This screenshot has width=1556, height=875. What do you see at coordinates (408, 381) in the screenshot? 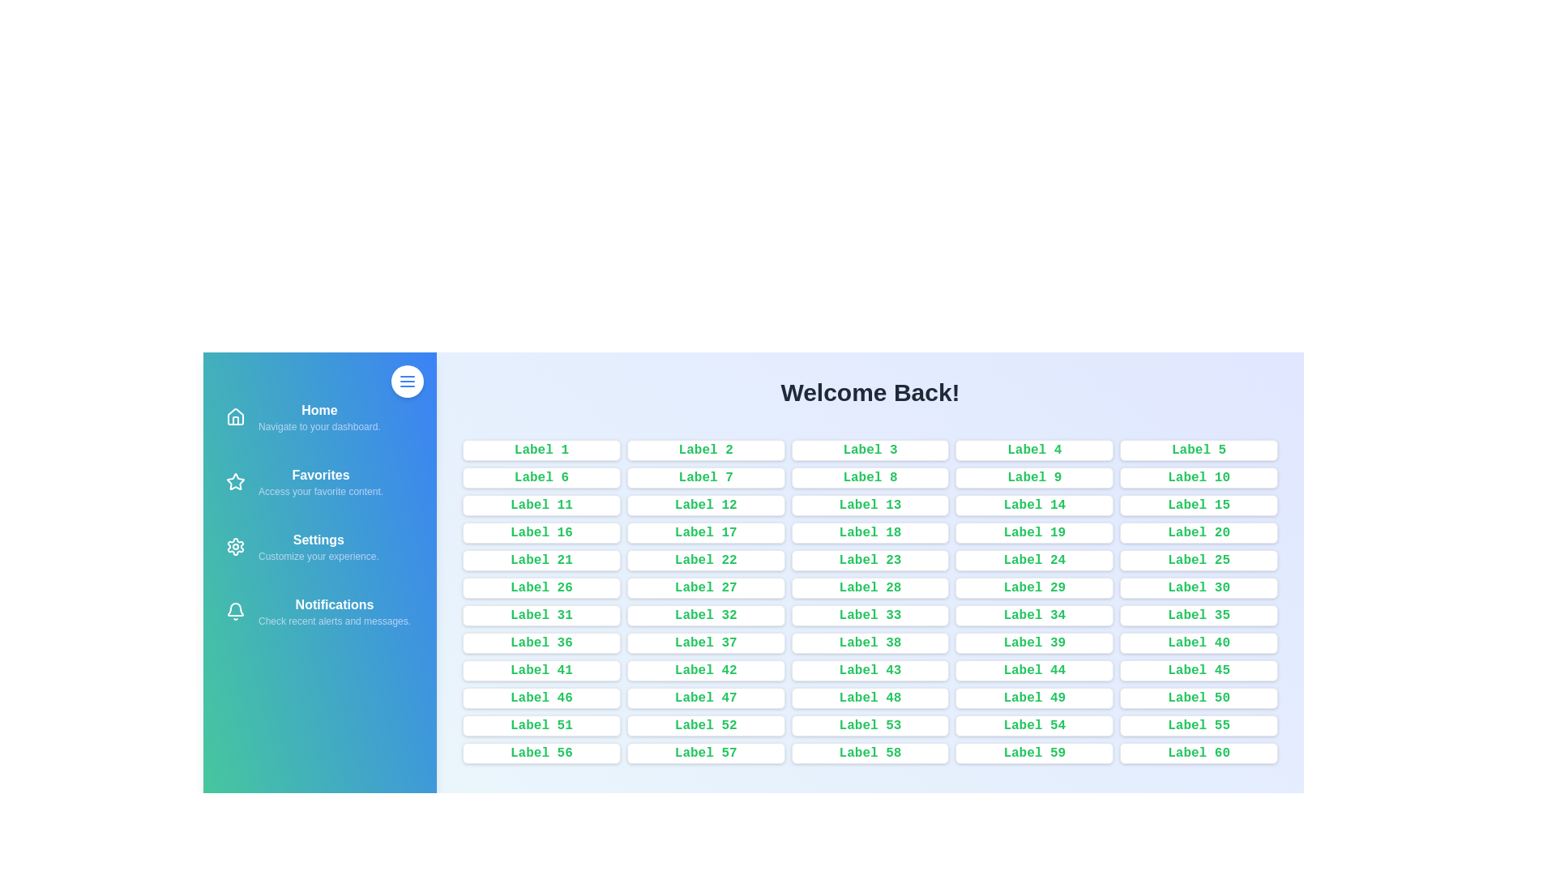
I see `the menu button to toggle the drawer open/closed` at bounding box center [408, 381].